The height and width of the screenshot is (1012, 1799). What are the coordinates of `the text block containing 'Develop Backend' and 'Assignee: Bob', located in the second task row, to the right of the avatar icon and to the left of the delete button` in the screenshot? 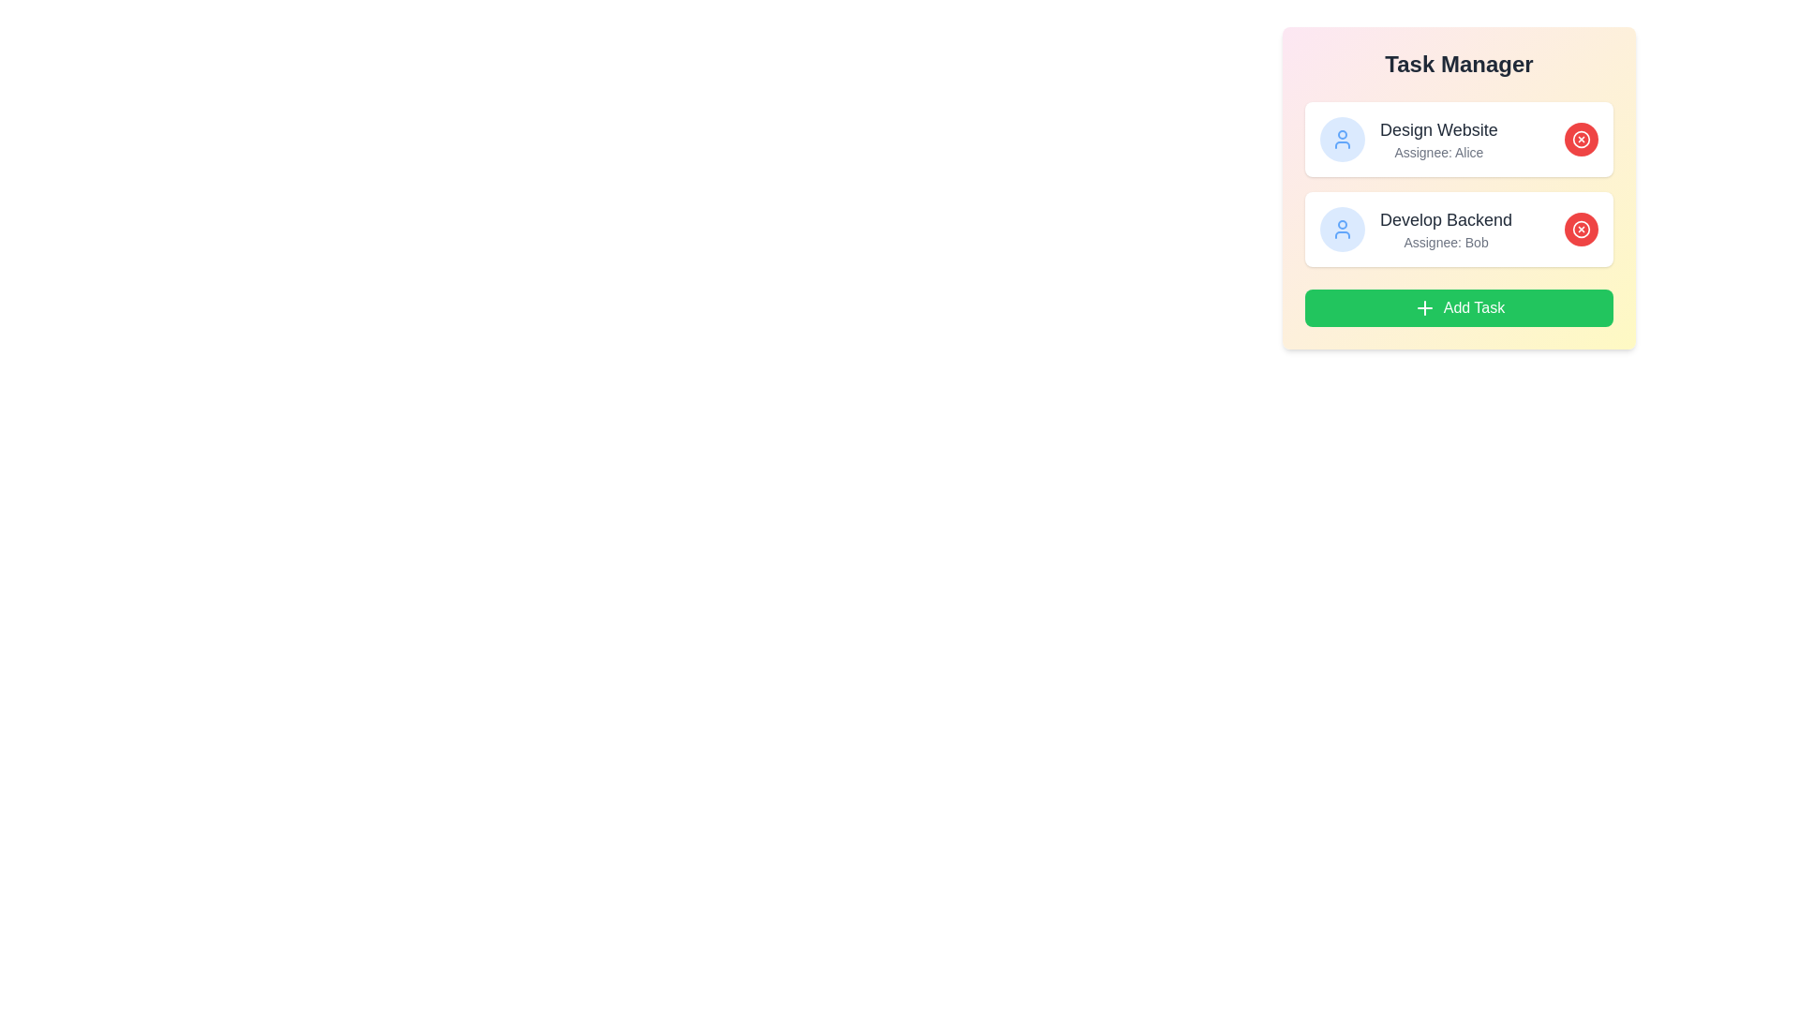 It's located at (1445, 229).